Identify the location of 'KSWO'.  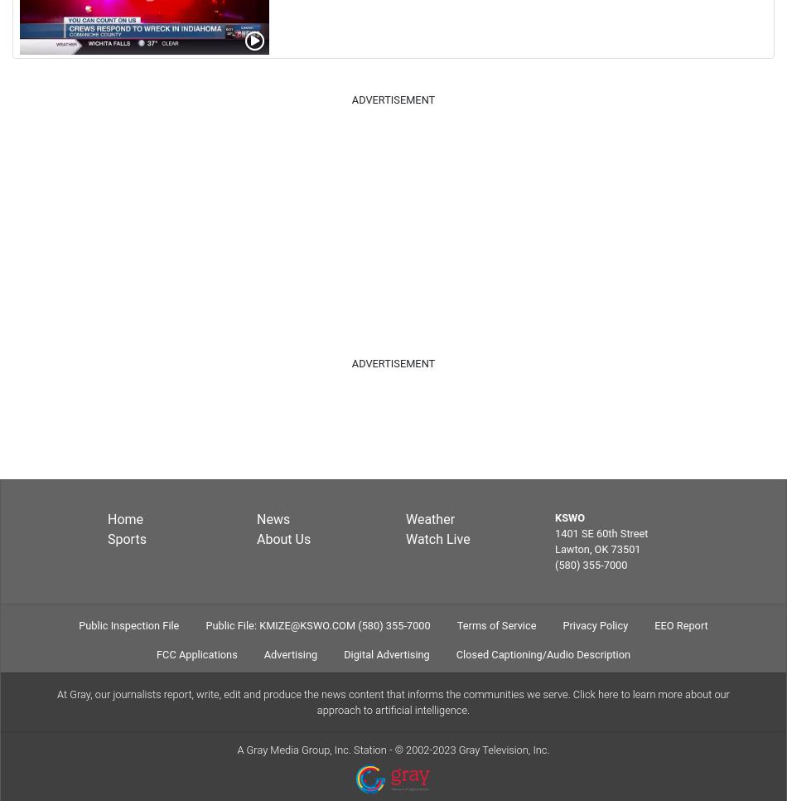
(569, 516).